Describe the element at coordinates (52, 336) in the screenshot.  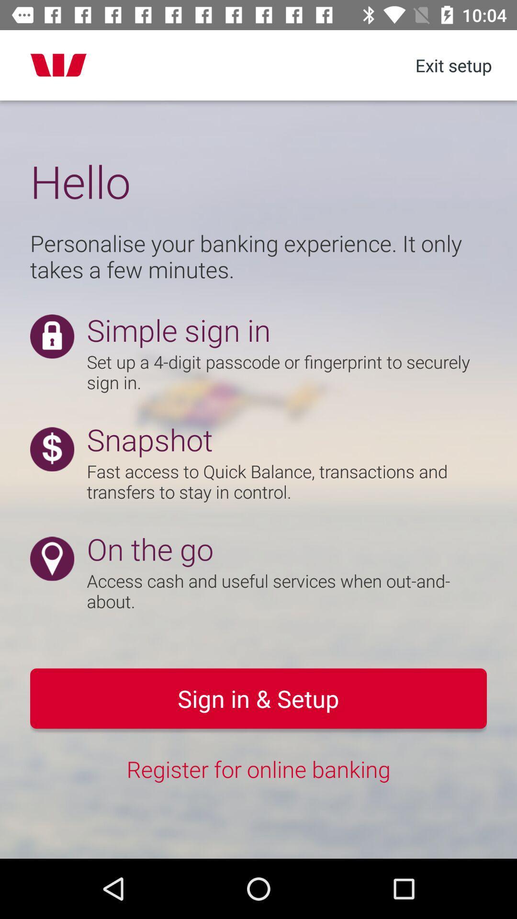
I see `the lock icon to the left side of the simple sign in` at that location.